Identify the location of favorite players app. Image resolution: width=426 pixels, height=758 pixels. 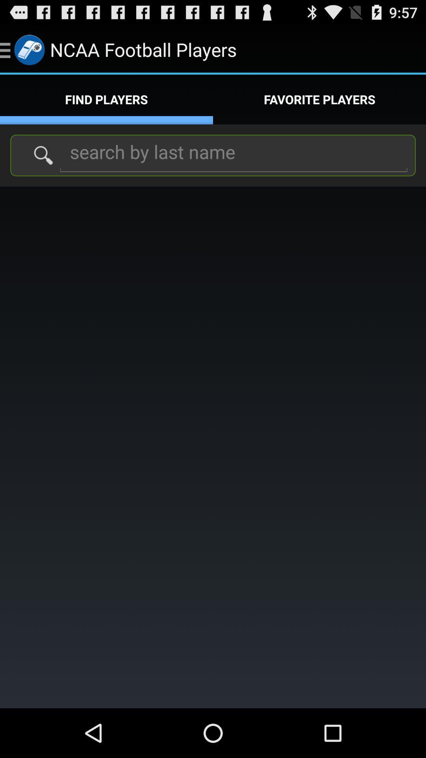
(319, 99).